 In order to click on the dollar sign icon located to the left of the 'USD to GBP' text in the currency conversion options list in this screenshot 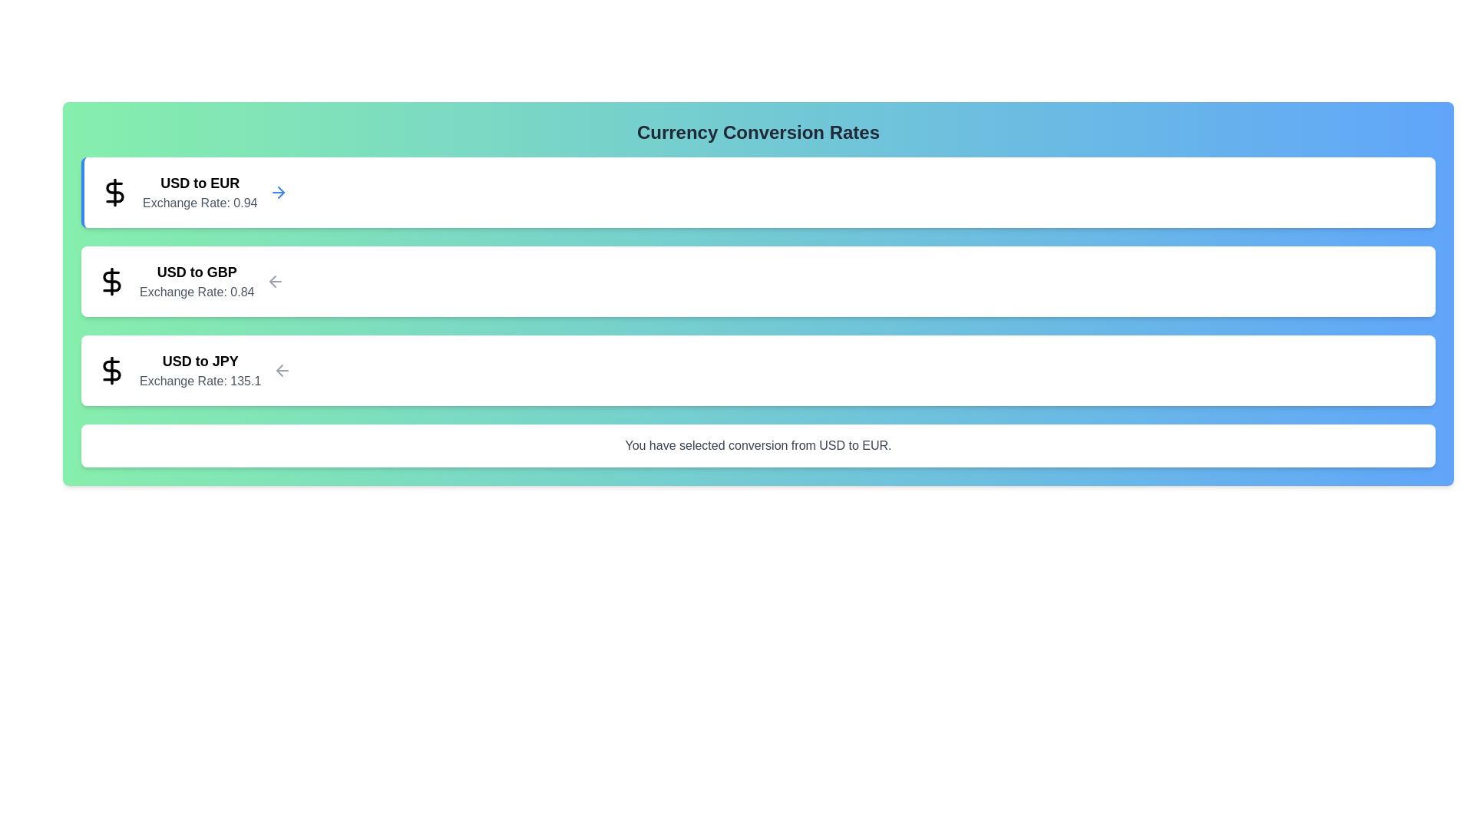, I will do `click(111, 281)`.